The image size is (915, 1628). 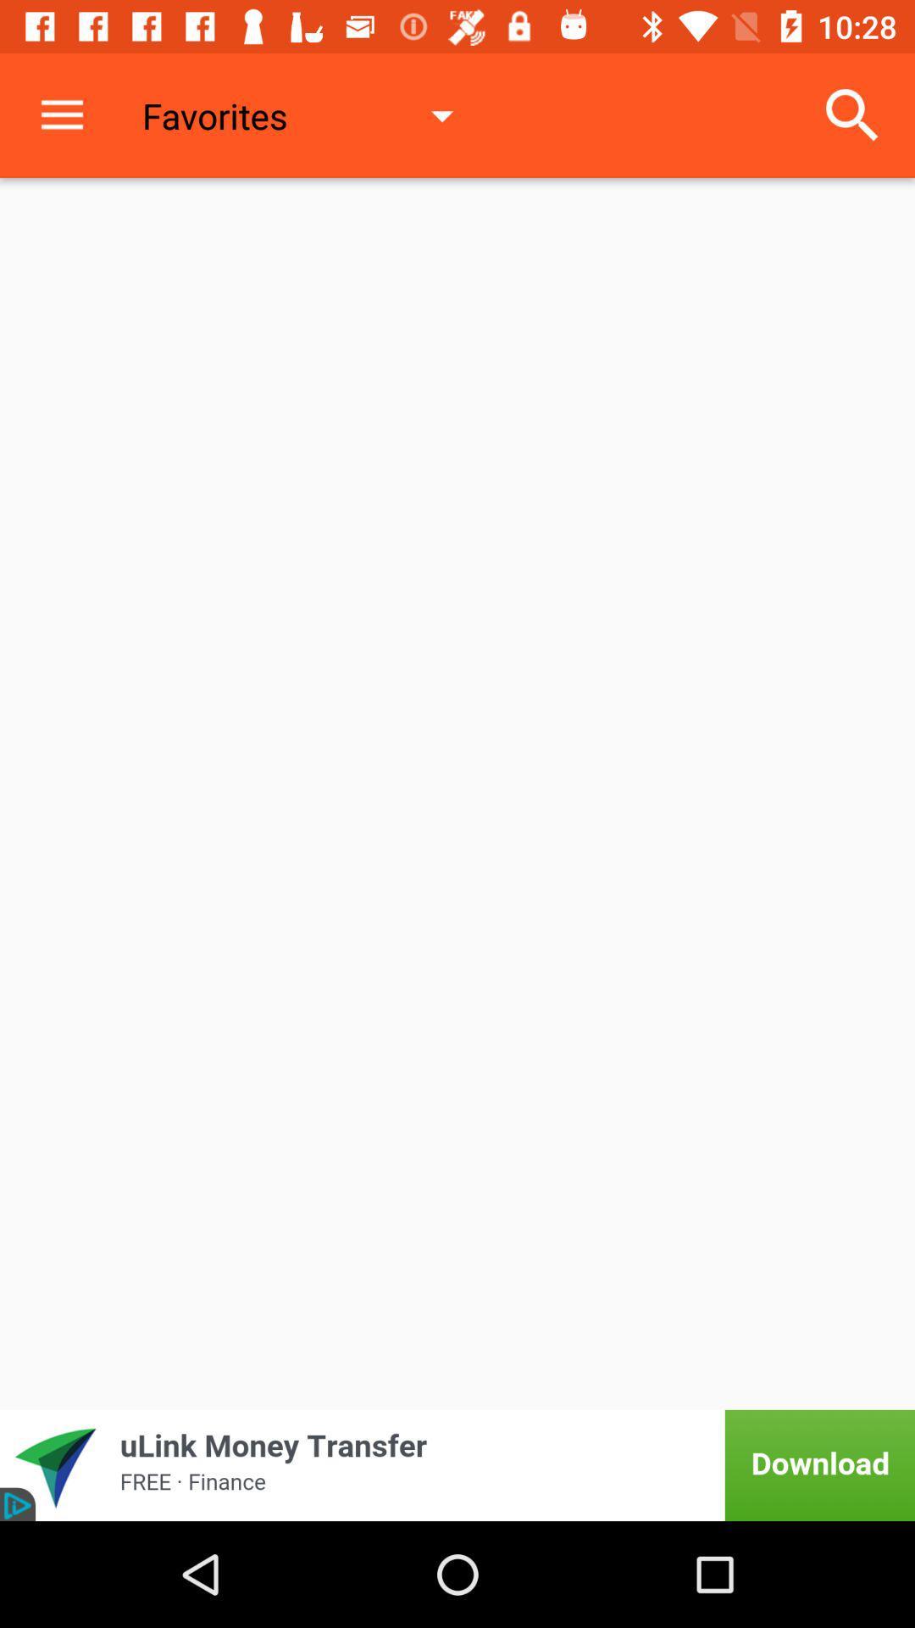 What do you see at coordinates (457, 1464) in the screenshot?
I see `advertisement banner` at bounding box center [457, 1464].